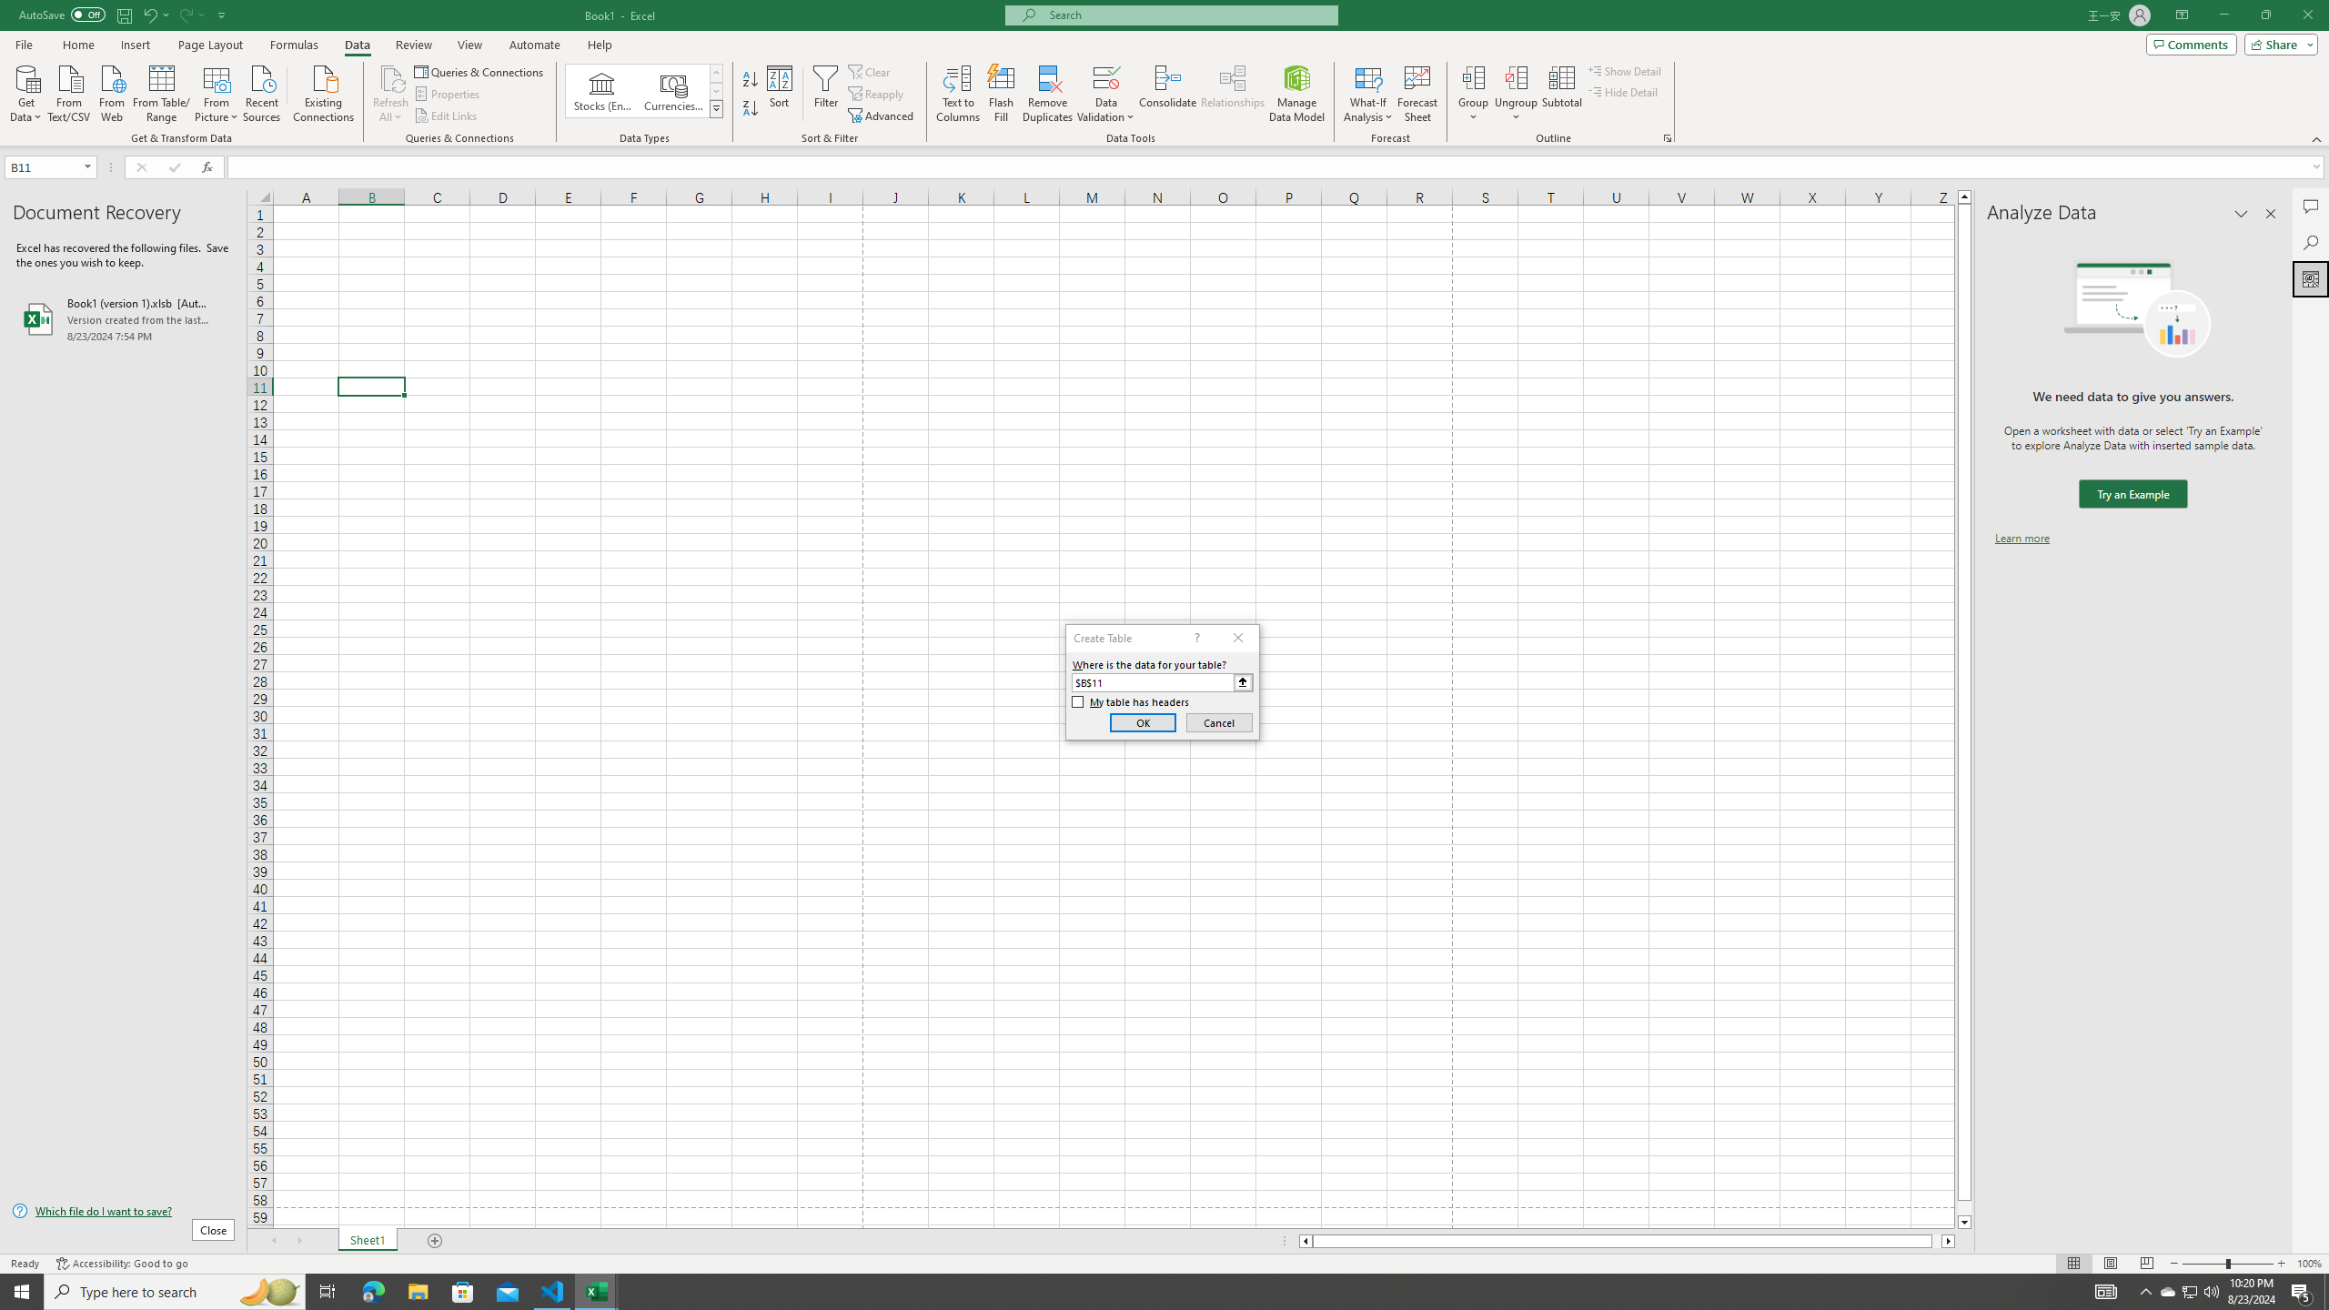 This screenshot has height=1310, width=2329. Describe the element at coordinates (185, 14) in the screenshot. I see `'Redo'` at that location.